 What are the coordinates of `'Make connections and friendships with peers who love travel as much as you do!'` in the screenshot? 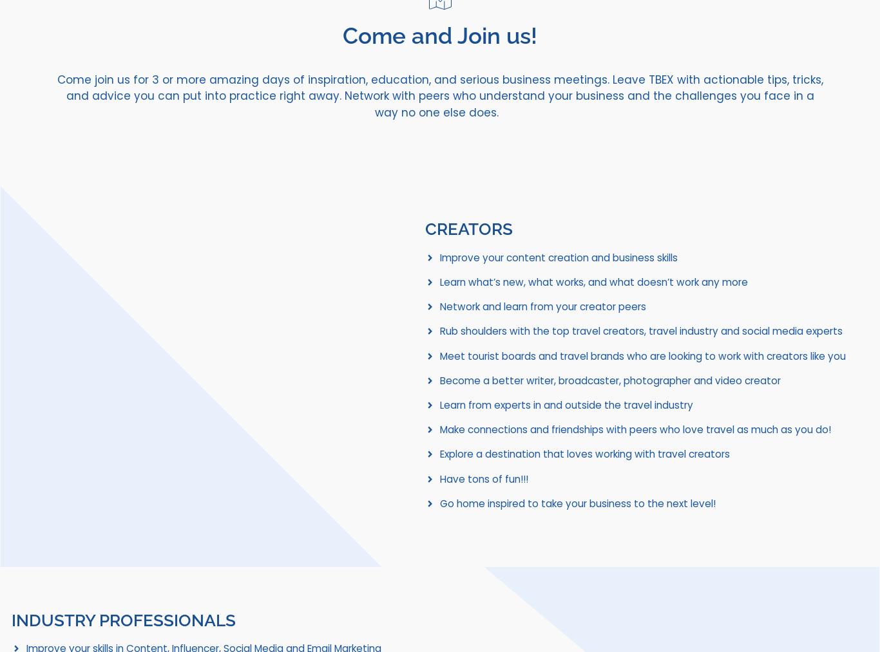 It's located at (635, 429).